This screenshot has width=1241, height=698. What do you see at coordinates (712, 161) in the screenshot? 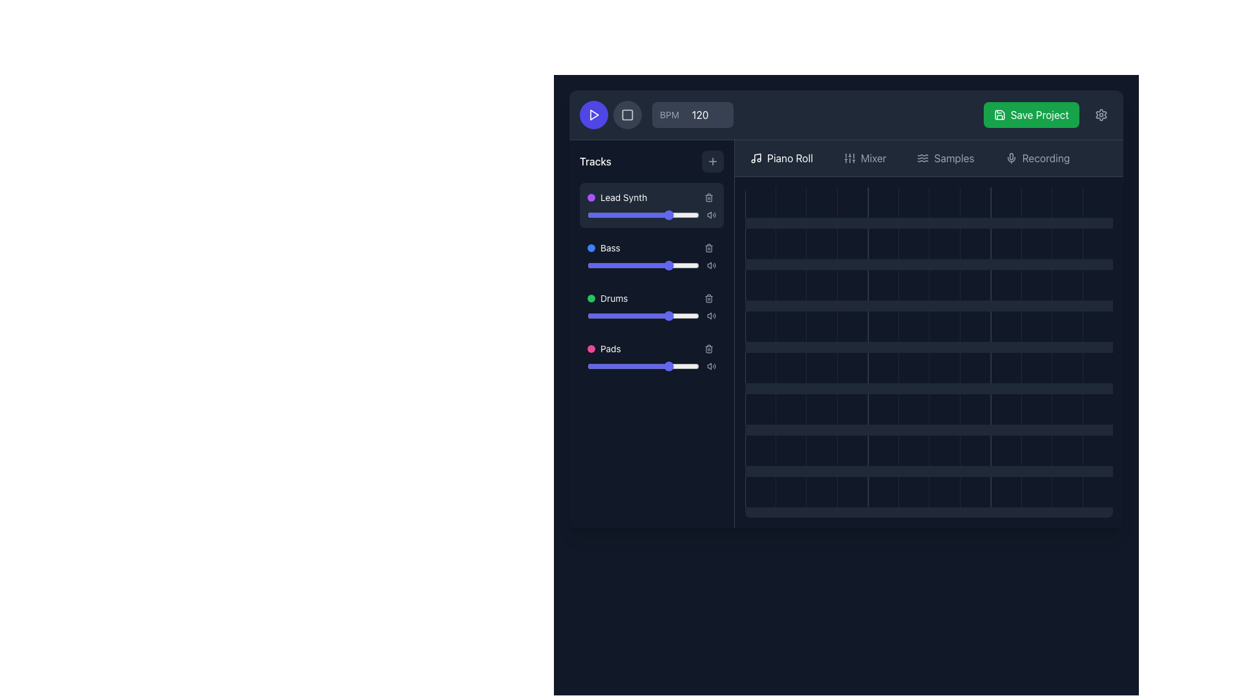
I see `the circular icon button with a plus sign located in the left-hand panel at the top of the 'Tracks' section` at bounding box center [712, 161].